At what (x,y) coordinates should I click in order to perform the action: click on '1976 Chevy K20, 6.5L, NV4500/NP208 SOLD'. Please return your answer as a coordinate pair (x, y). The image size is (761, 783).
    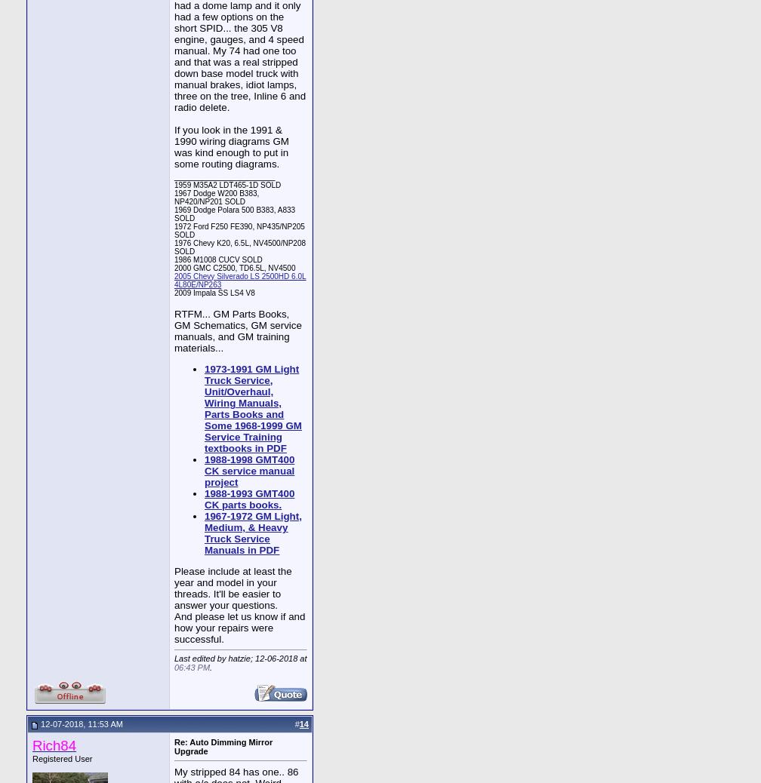
    Looking at the image, I should click on (240, 246).